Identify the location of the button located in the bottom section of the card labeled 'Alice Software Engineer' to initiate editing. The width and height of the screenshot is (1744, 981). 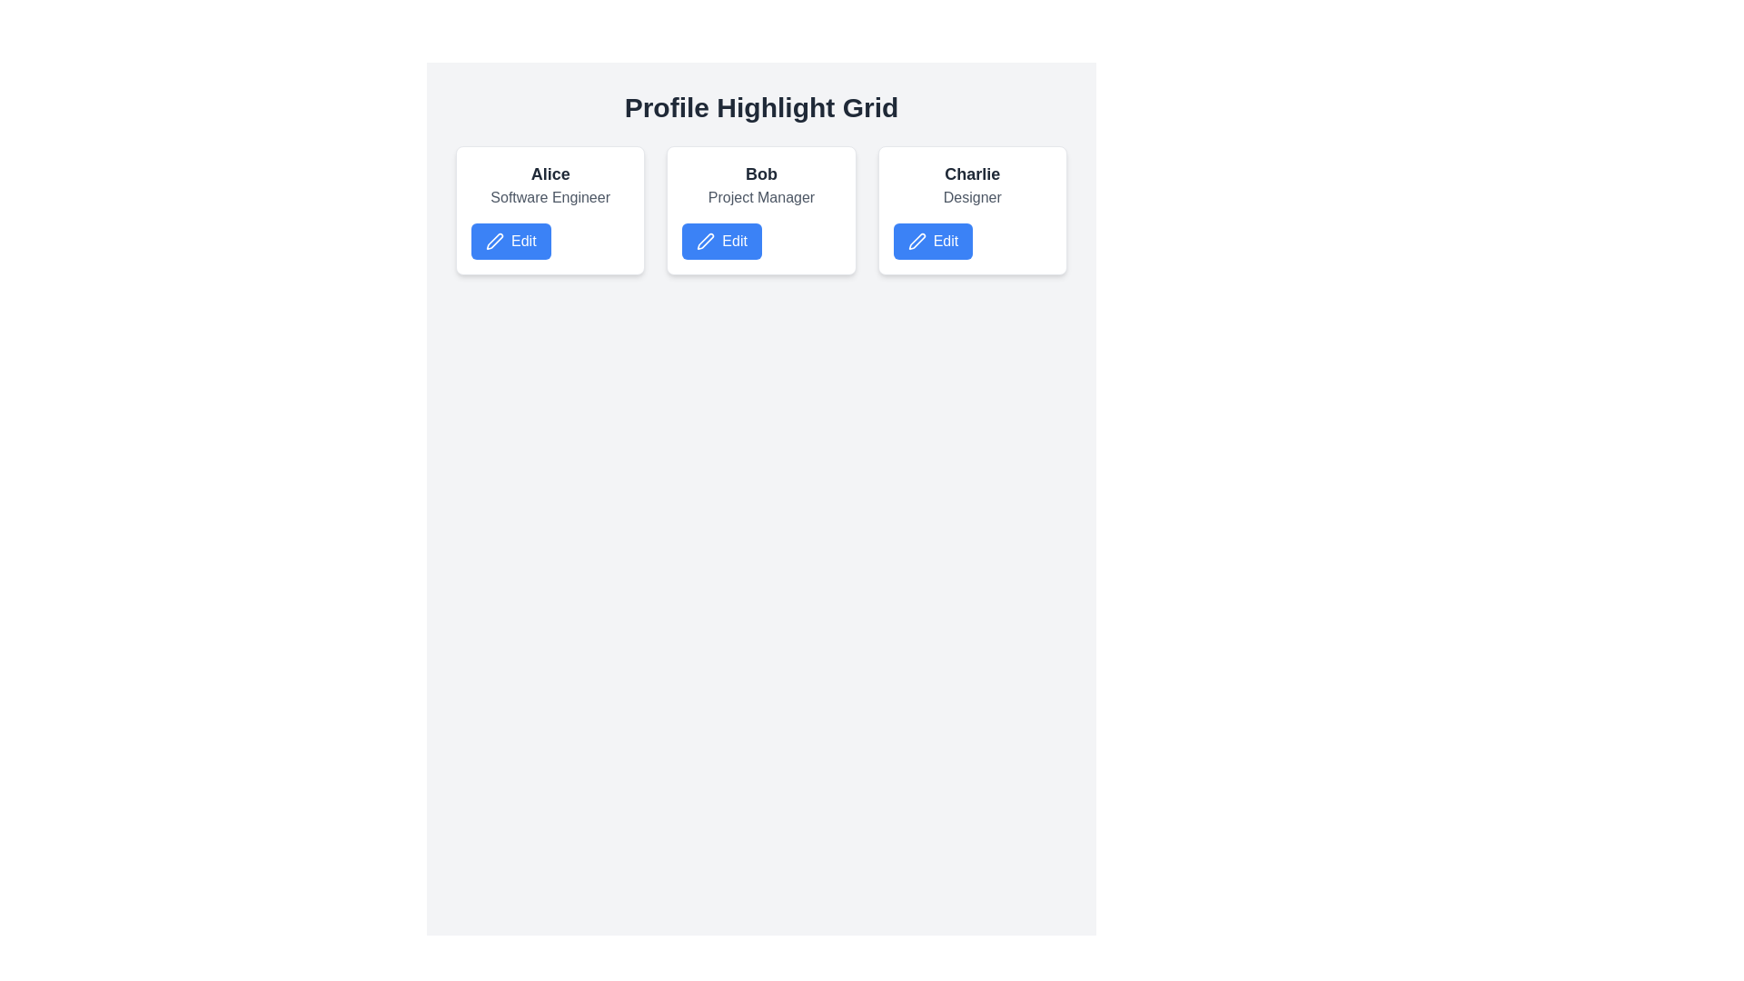
(510, 241).